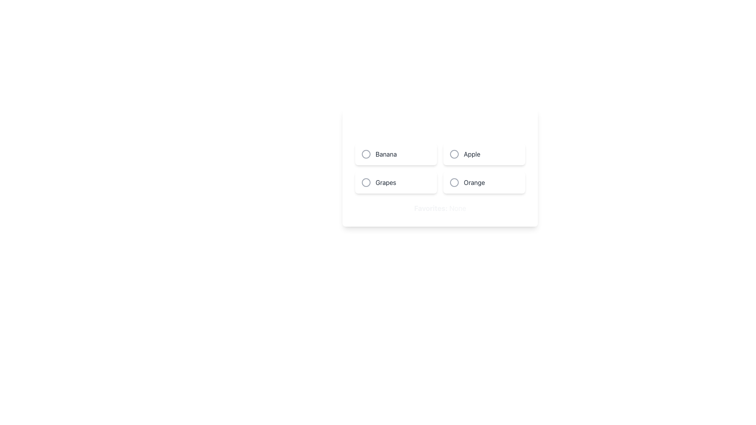 This screenshot has width=756, height=425. I want to click on the radio button indicating the 'Grapes' selection, located in the bottom-left of the panel, so click(366, 182).